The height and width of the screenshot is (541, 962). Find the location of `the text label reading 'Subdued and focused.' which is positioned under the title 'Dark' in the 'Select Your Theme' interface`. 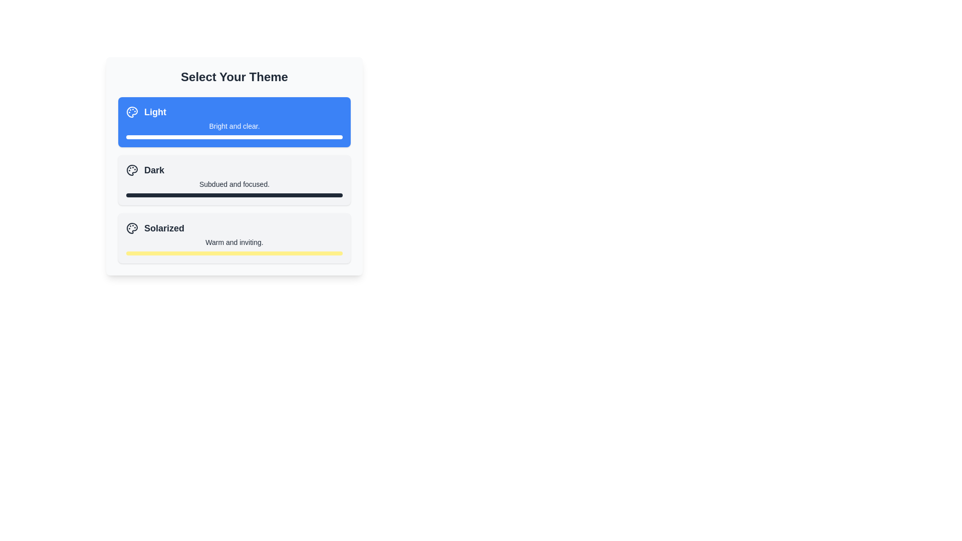

the text label reading 'Subdued and focused.' which is positioned under the title 'Dark' in the 'Select Your Theme' interface is located at coordinates (233, 184).